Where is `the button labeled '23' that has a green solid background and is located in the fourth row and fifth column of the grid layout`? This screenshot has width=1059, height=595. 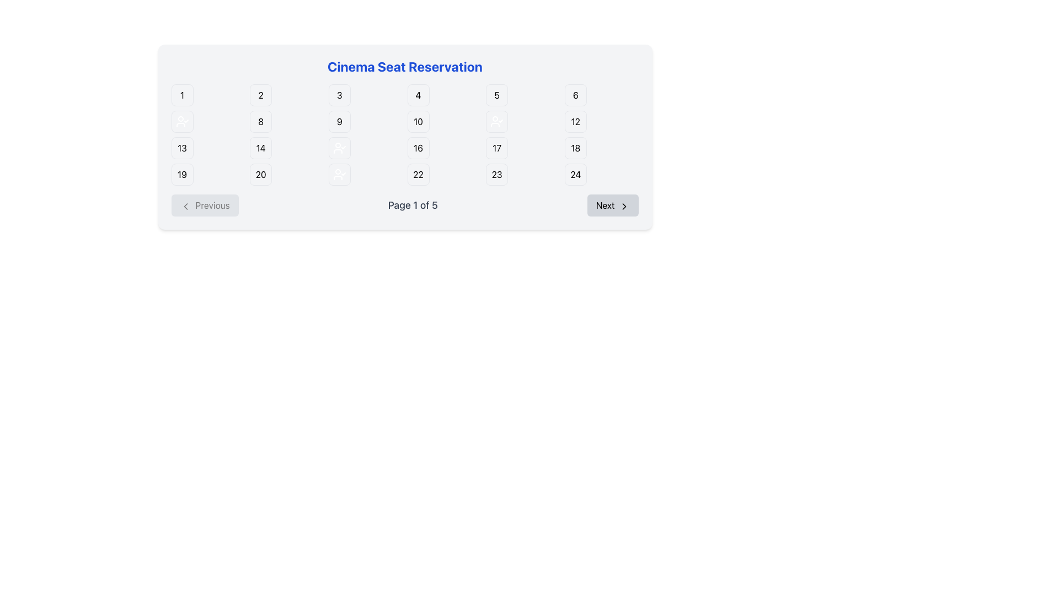 the button labeled '23' that has a green solid background and is located in the fourth row and fifth column of the grid layout is located at coordinates (496, 174).